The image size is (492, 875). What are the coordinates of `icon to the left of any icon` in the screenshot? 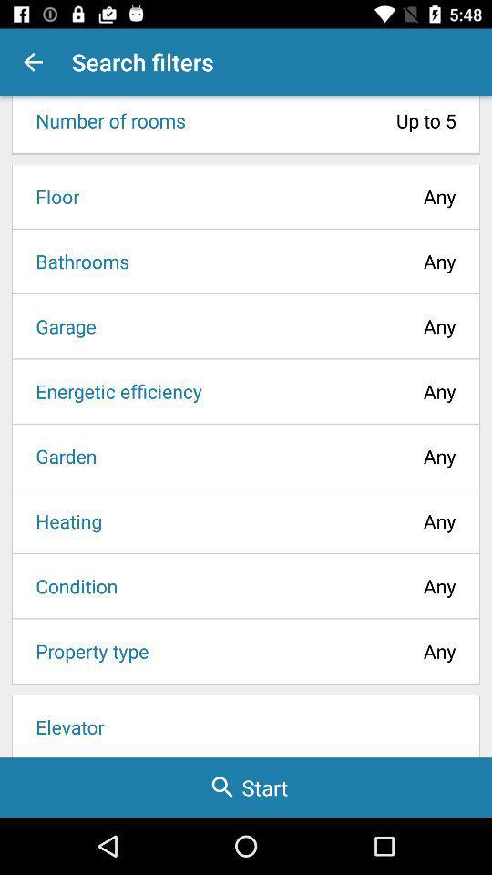 It's located at (76, 260).